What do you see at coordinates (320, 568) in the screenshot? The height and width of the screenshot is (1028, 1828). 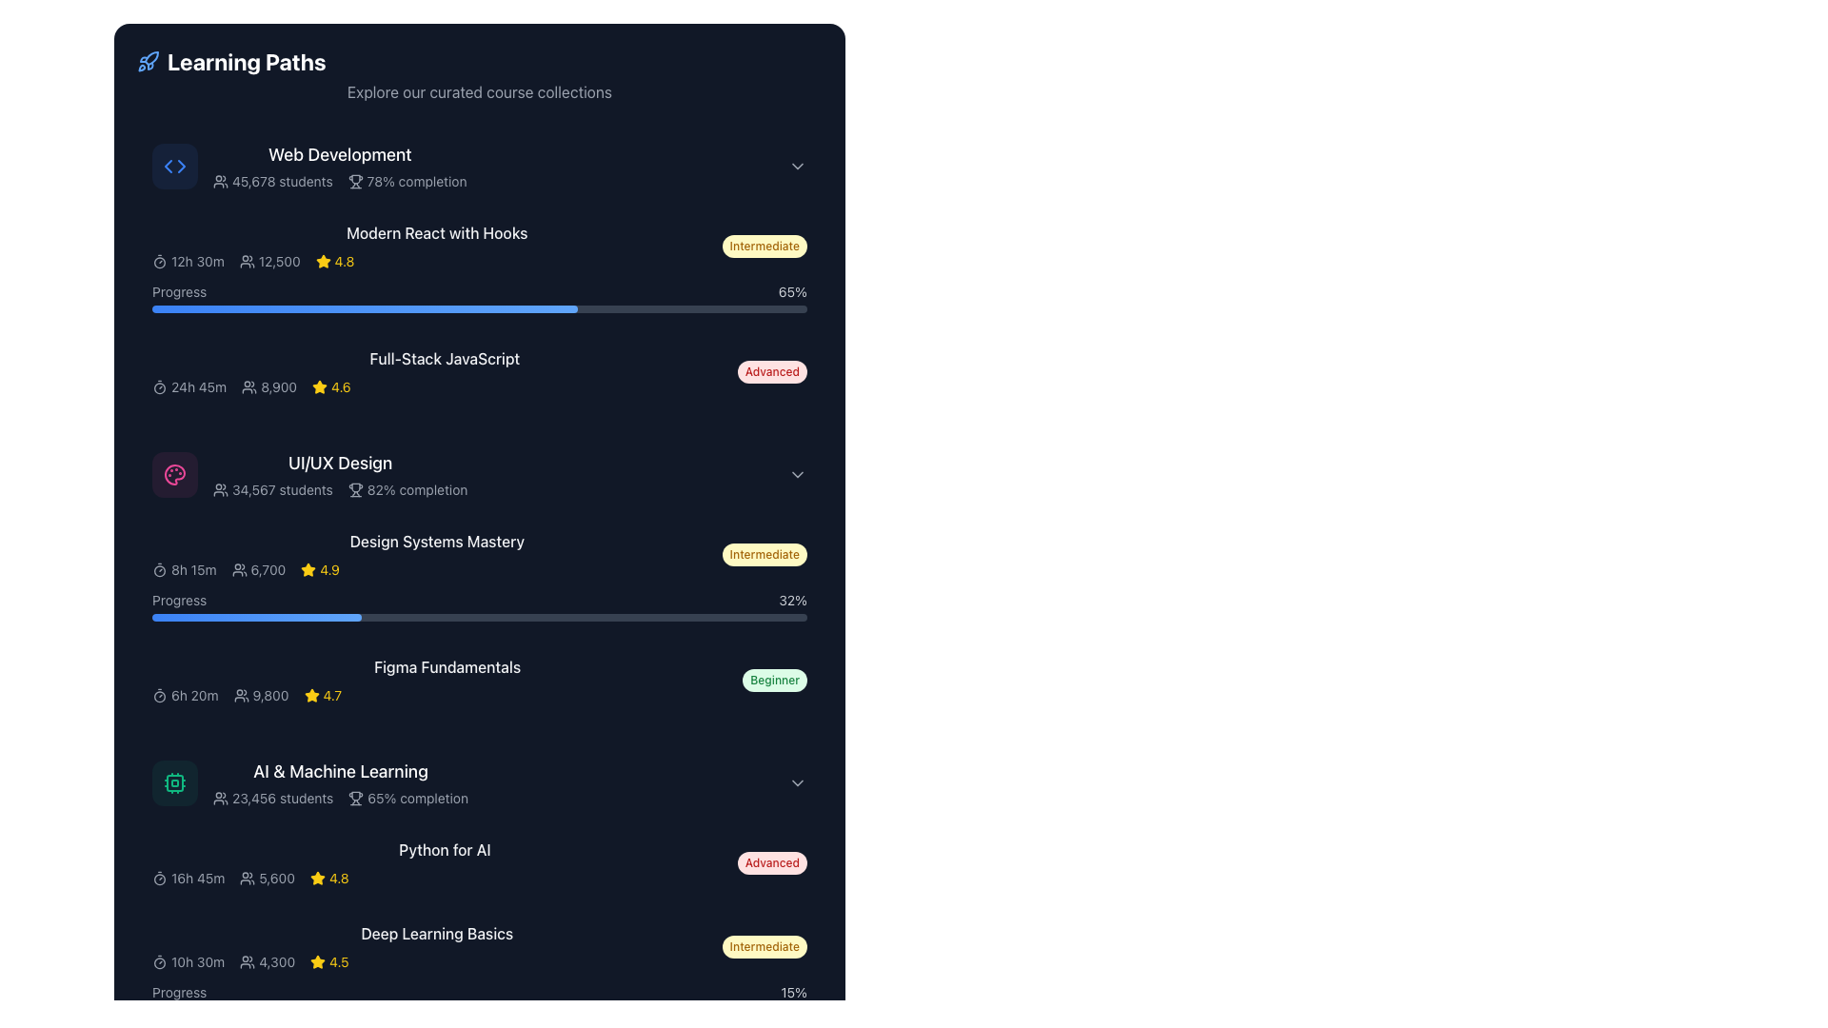 I see `the yellow star icon indicating a rating of '4.9' in the 'Design Systems Mastery' course entry, located in the 'Learning Paths' section` at bounding box center [320, 568].